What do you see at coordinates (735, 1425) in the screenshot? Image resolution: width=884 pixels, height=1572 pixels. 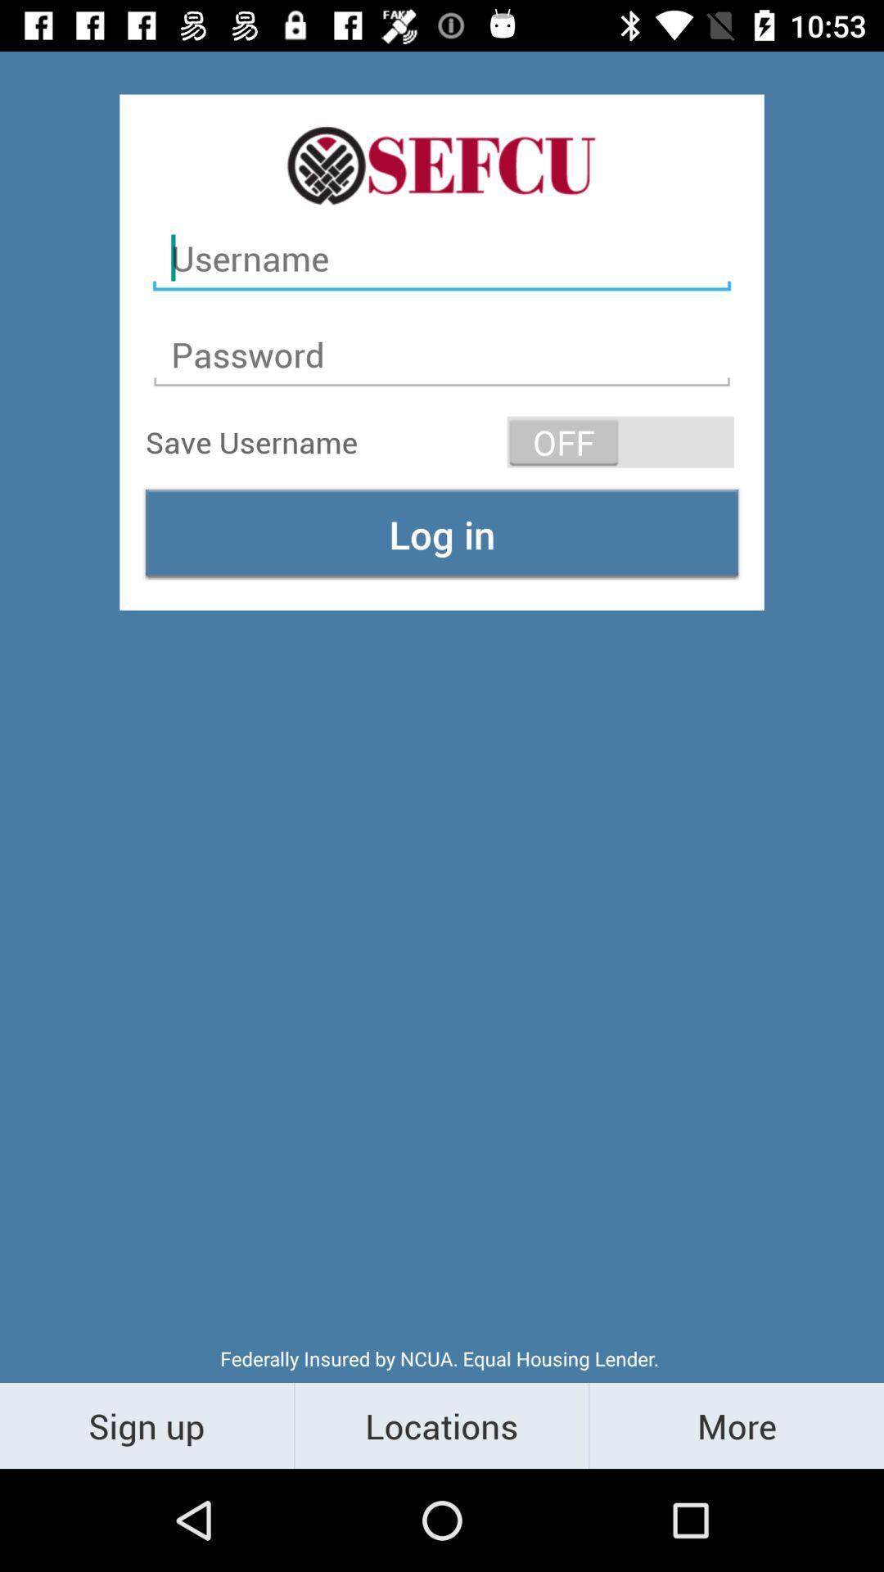 I see `icon to the right of the locations icon` at bounding box center [735, 1425].